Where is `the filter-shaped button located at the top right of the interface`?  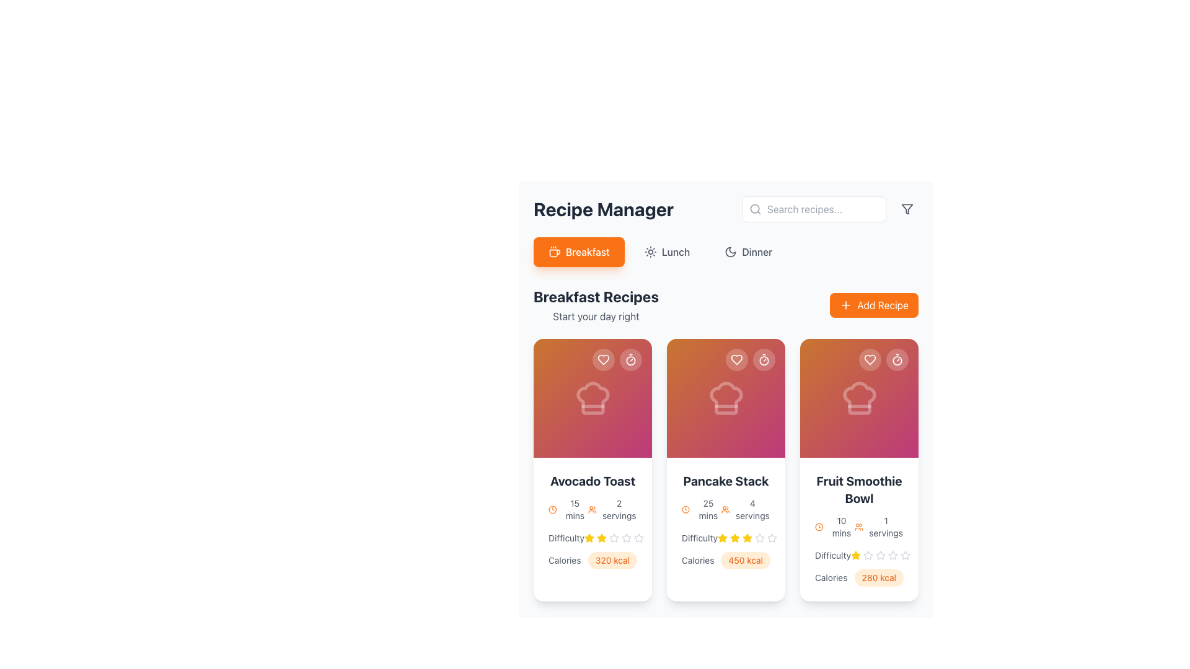
the filter-shaped button located at the top right of the interface is located at coordinates (907, 209).